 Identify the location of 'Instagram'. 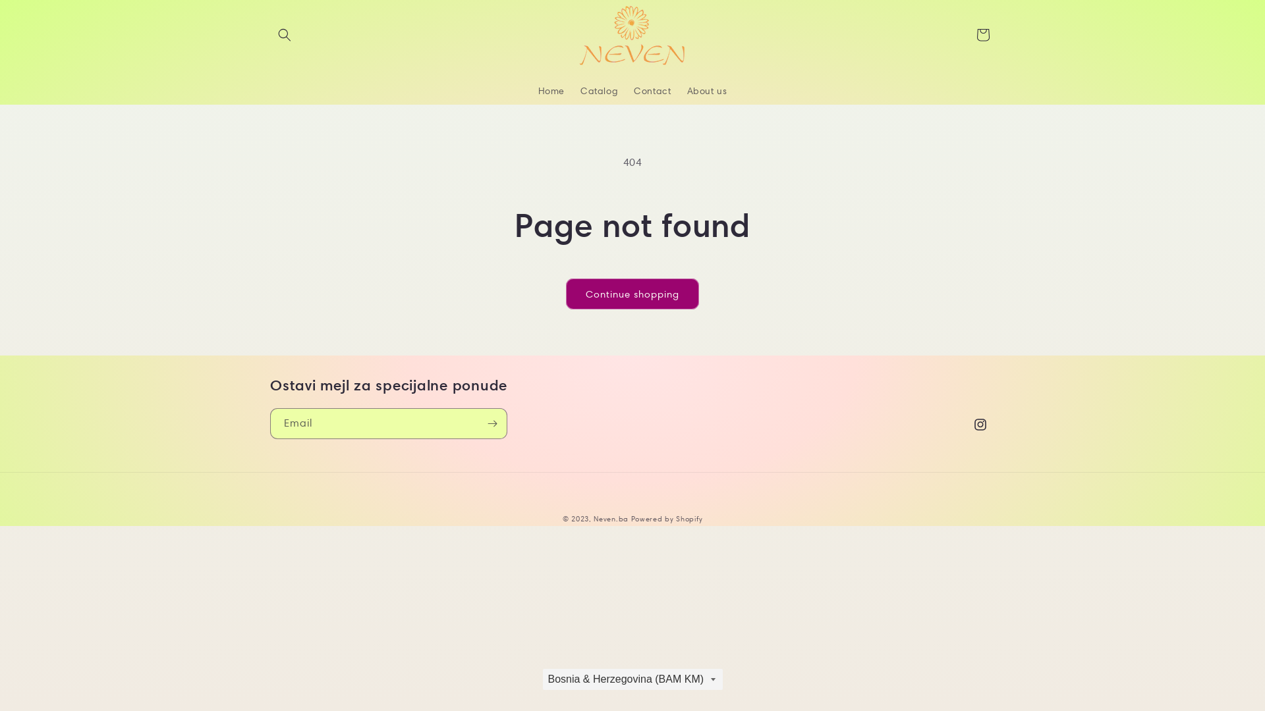
(980, 424).